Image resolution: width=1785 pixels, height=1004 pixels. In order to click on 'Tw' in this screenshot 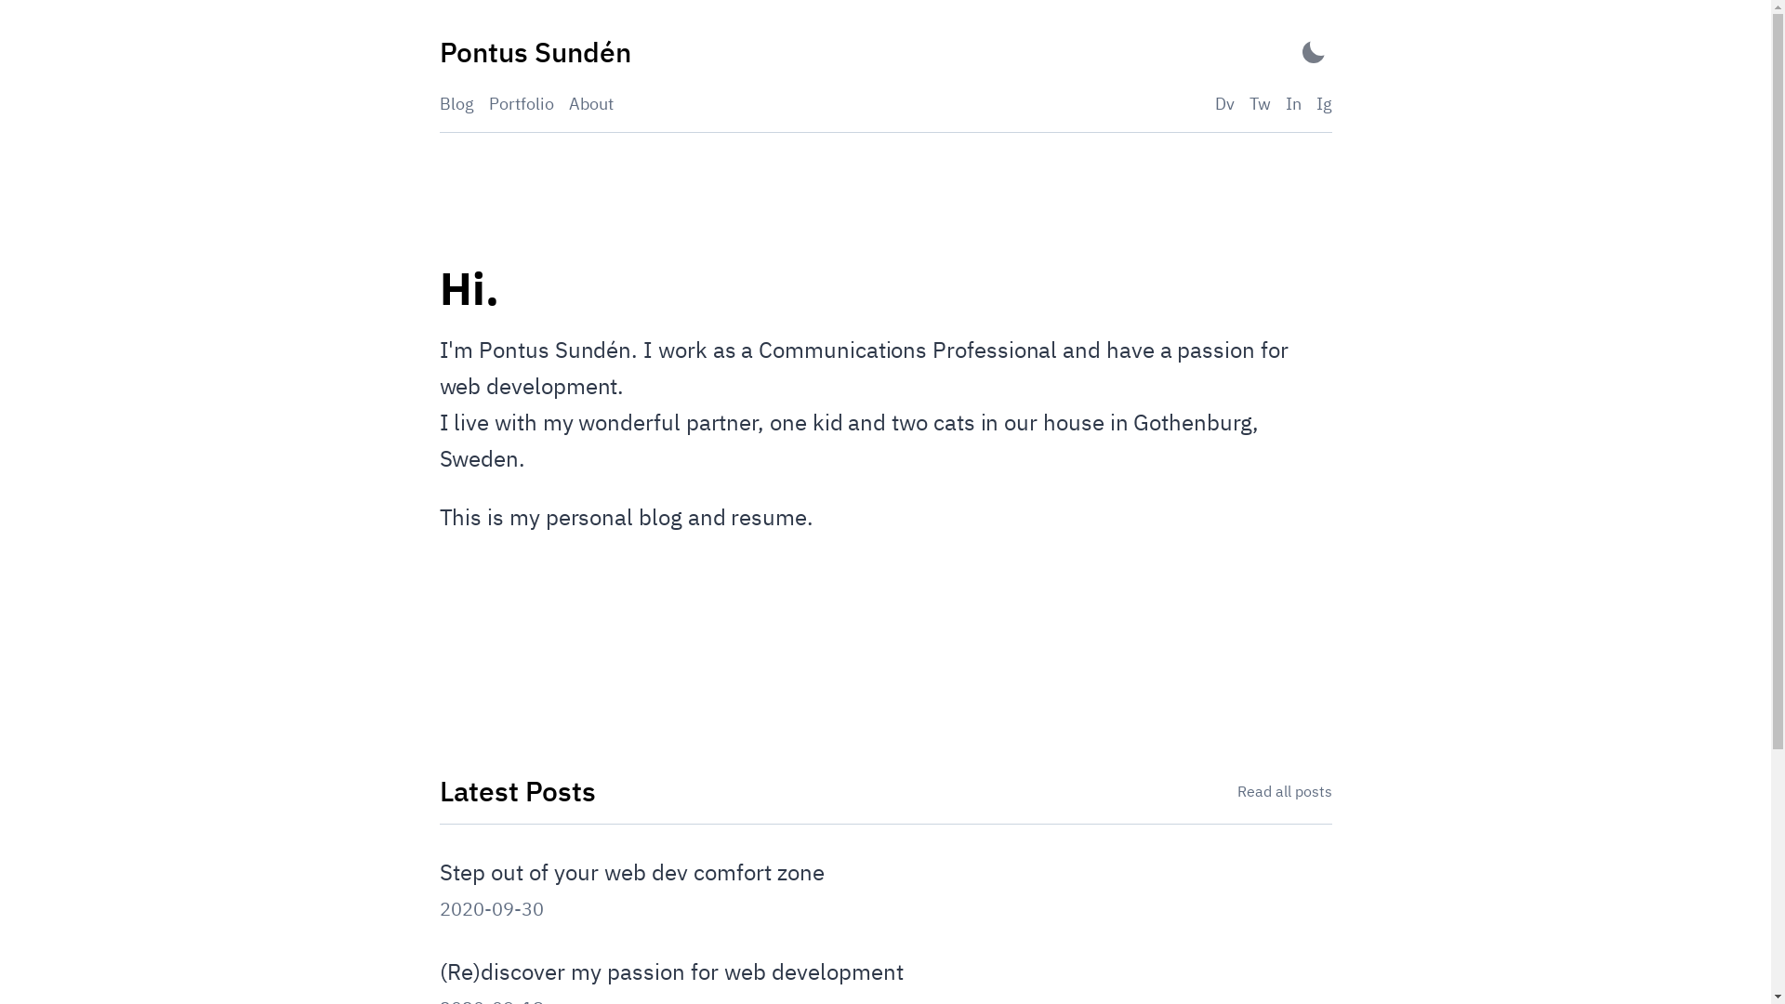, I will do `click(1260, 103)`.